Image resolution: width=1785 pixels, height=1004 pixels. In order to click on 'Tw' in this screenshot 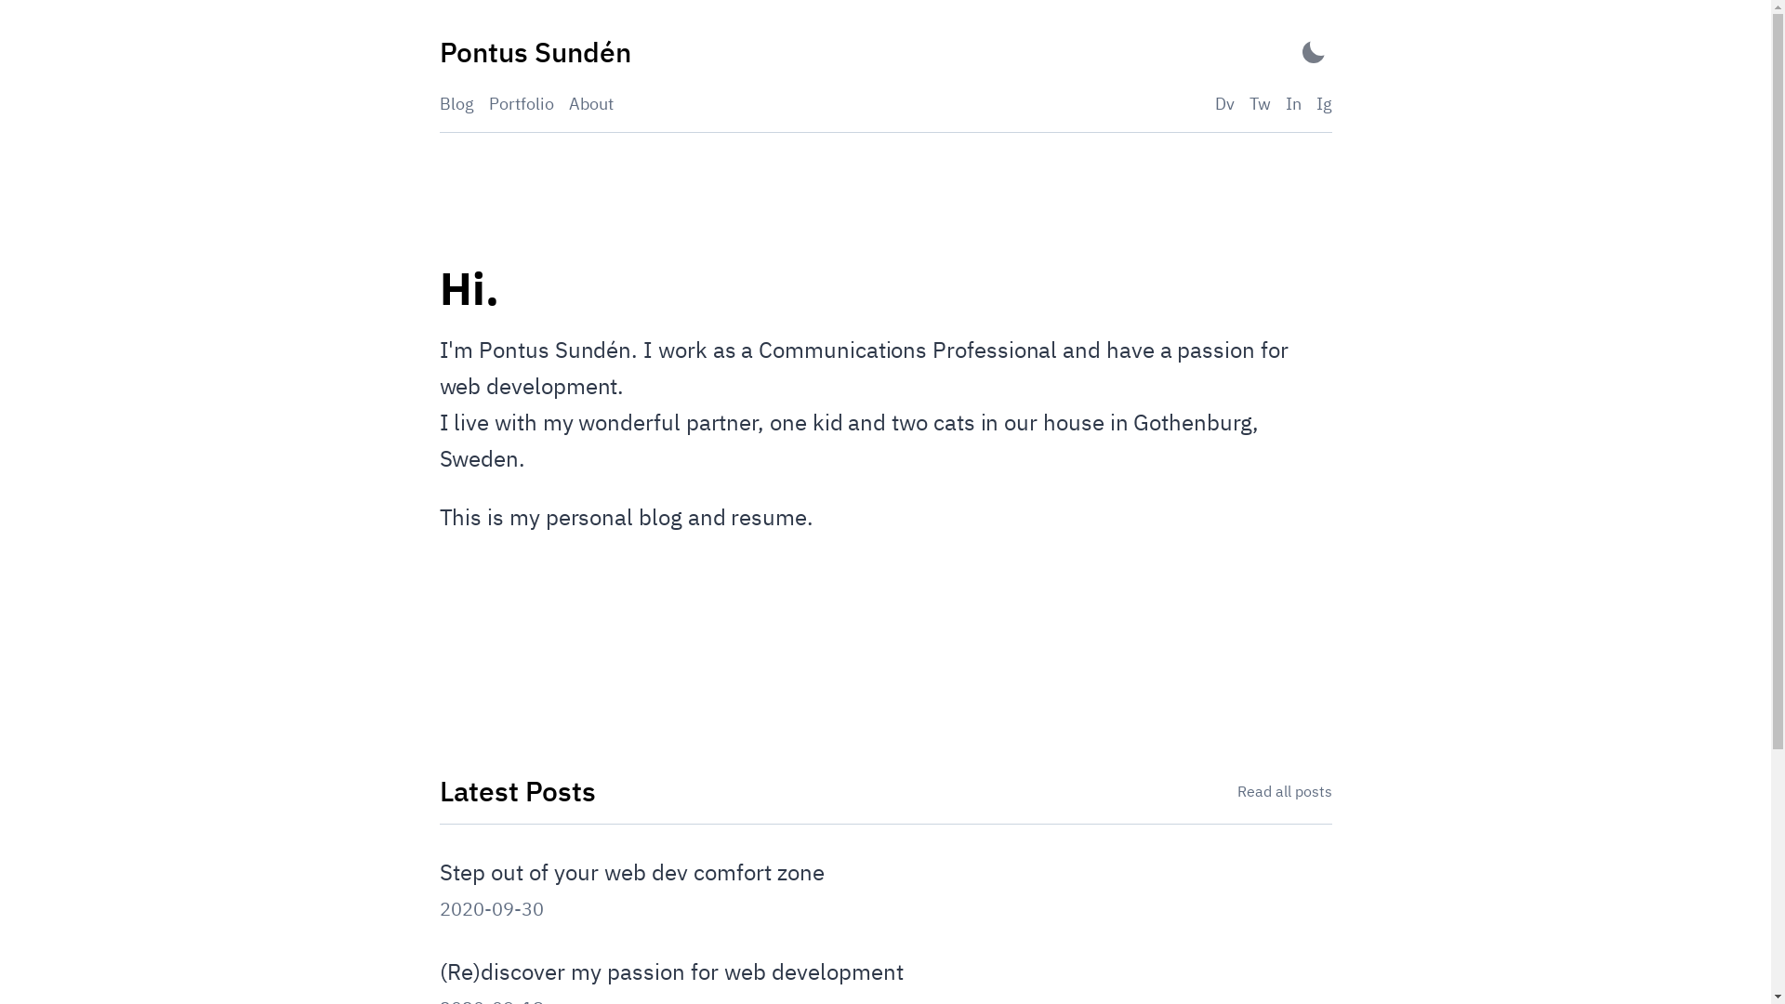, I will do `click(1260, 103)`.